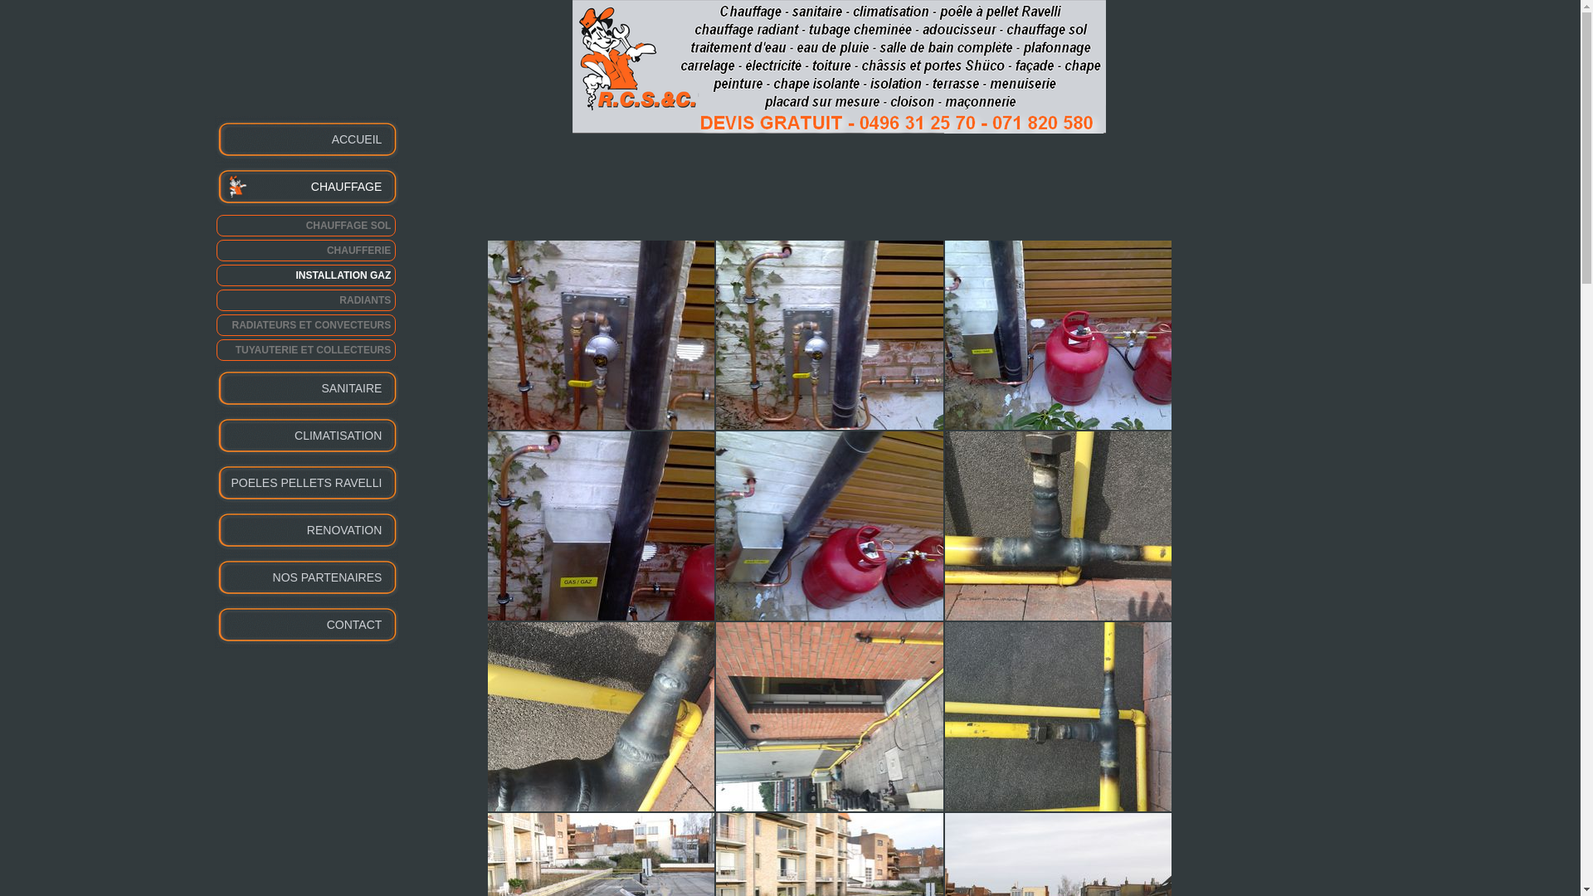  What do you see at coordinates (306, 139) in the screenshot?
I see `'ACCUEIL'` at bounding box center [306, 139].